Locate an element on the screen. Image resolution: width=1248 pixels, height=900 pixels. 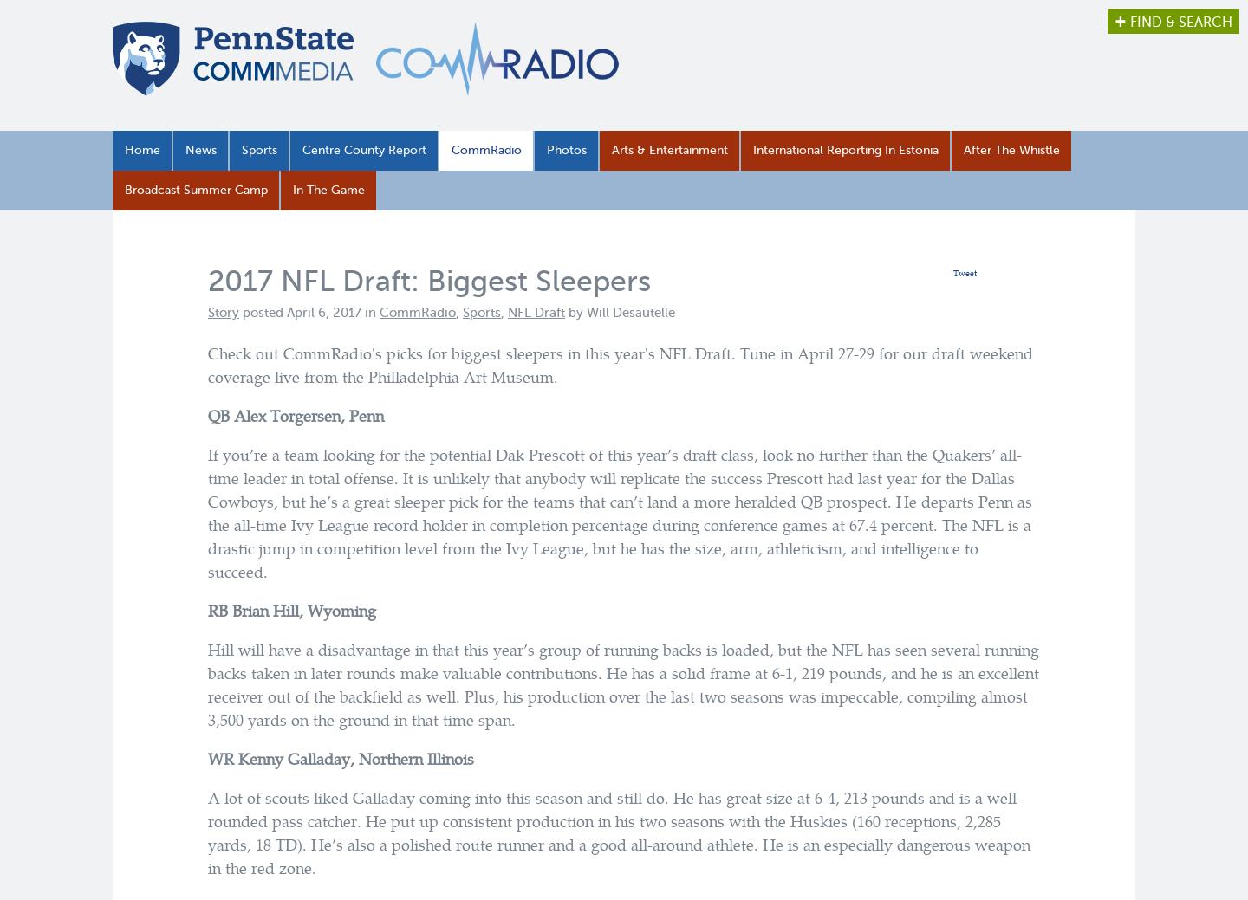
'RB Brian Hill, Wyoming' is located at coordinates (291, 609).